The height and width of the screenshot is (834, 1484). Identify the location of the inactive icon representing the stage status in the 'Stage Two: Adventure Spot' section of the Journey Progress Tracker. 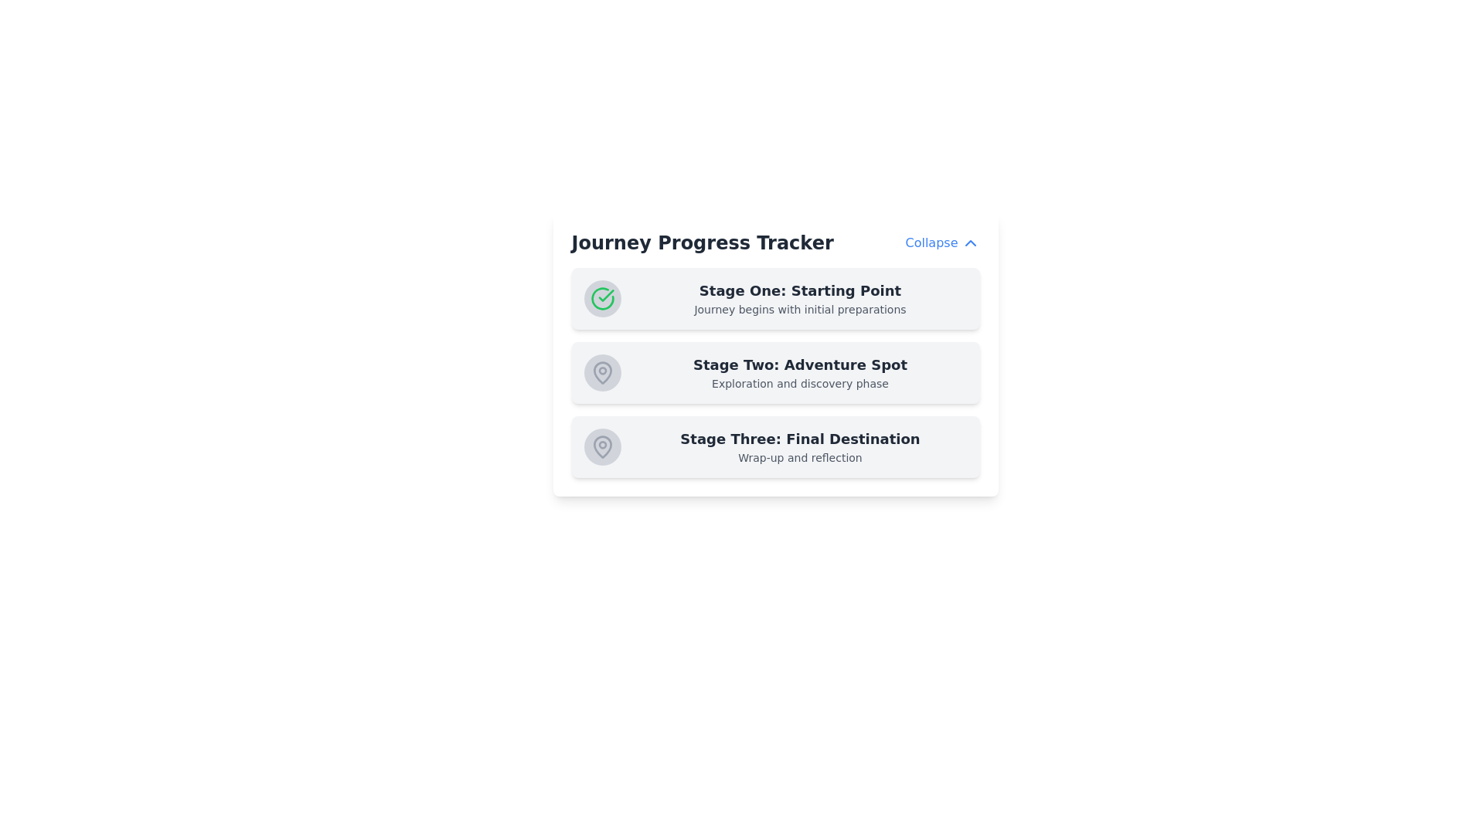
(601, 372).